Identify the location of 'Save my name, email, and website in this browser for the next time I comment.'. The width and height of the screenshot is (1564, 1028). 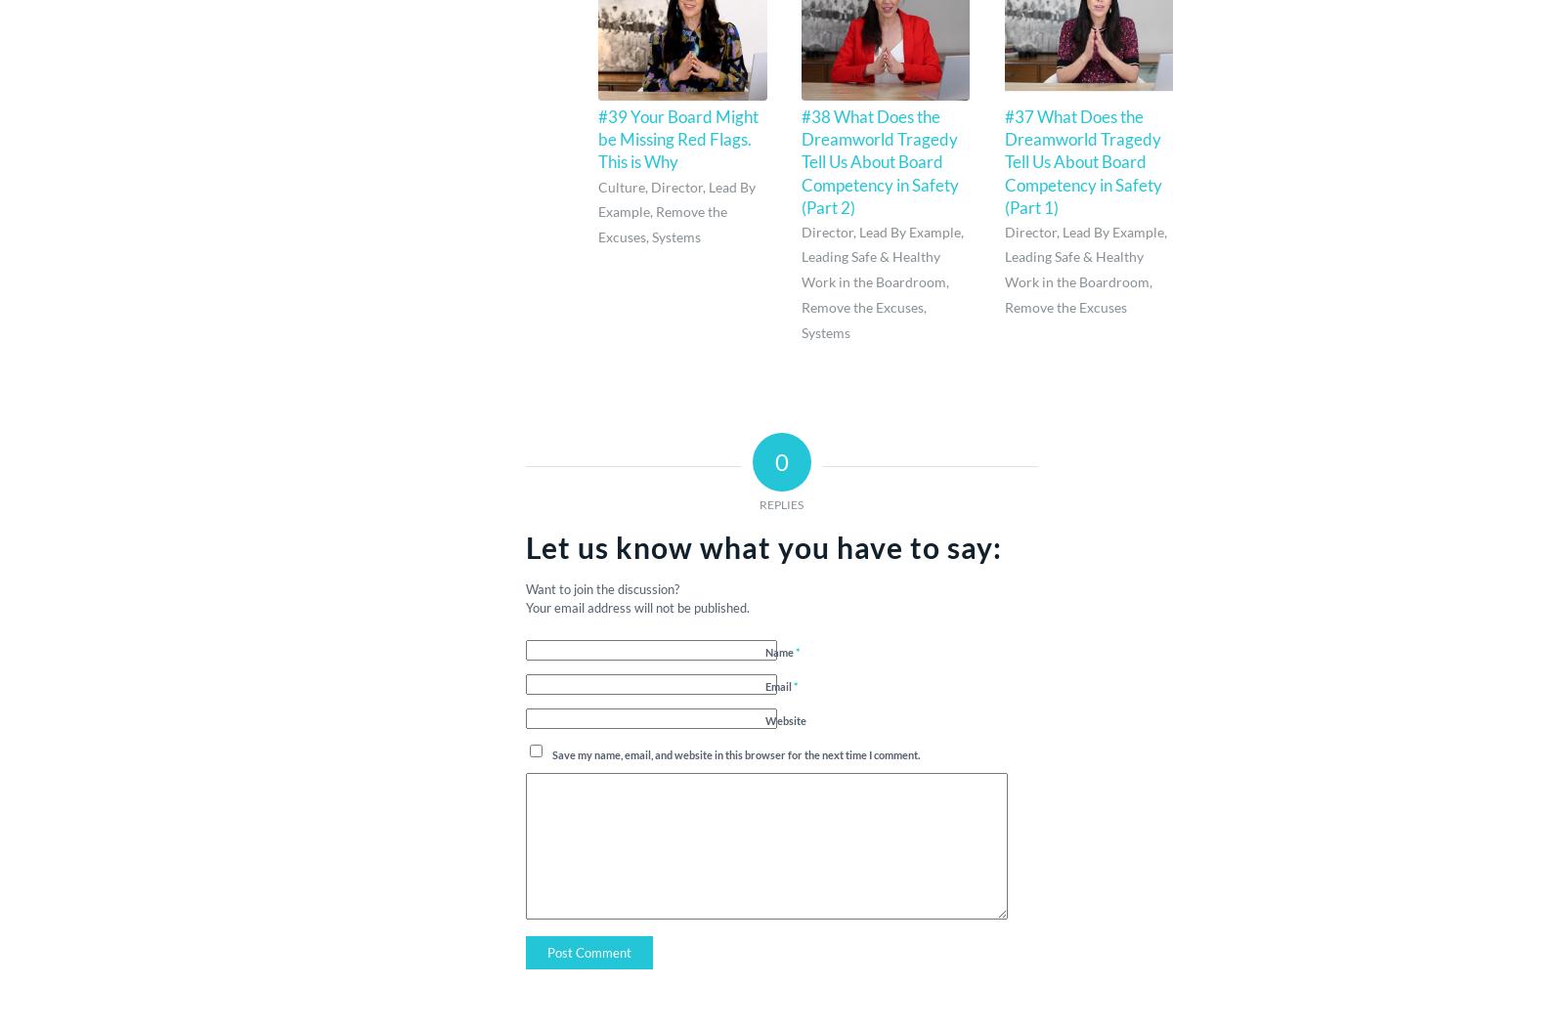
(550, 752).